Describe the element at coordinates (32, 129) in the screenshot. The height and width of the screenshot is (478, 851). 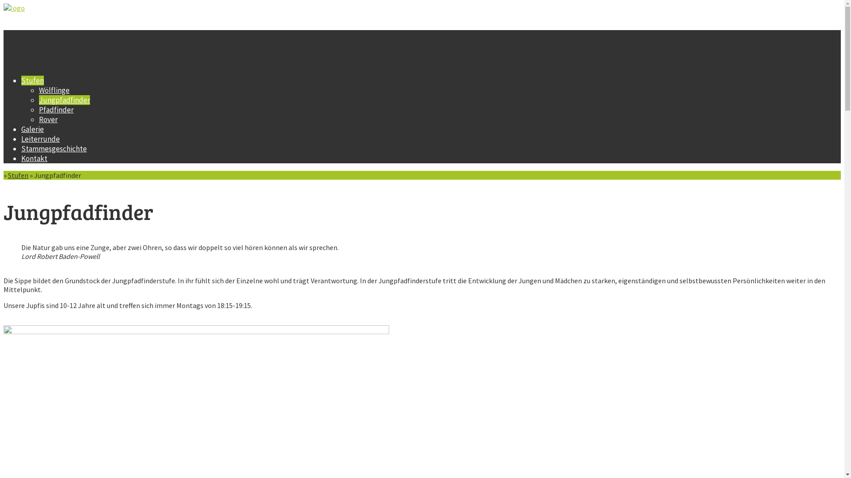
I see `'Galerie'` at that location.